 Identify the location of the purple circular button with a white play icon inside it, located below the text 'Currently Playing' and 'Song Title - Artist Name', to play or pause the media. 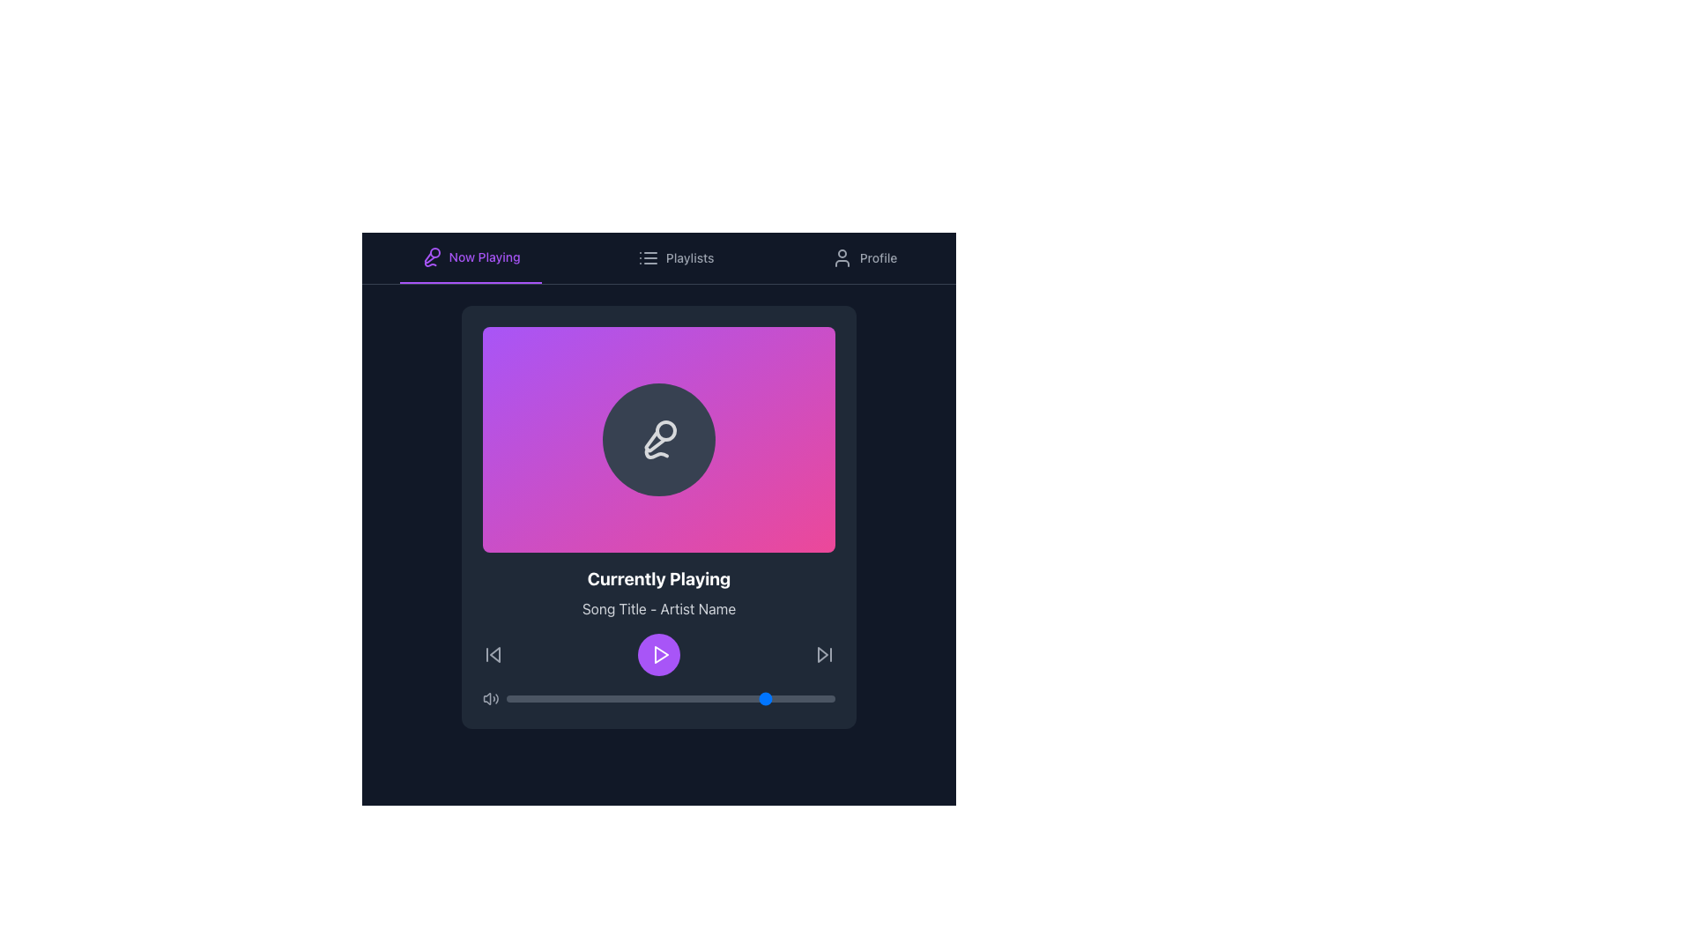
(658, 655).